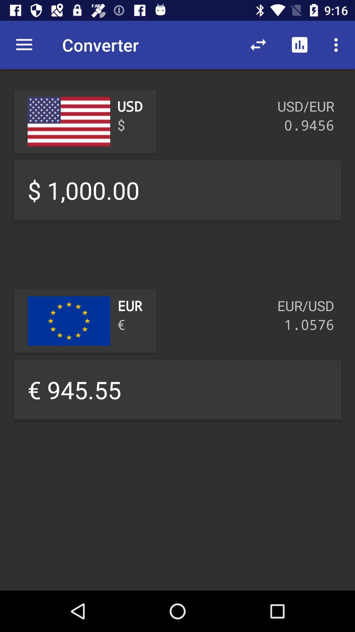  What do you see at coordinates (299, 44) in the screenshot?
I see `item above the usd/eur icon` at bounding box center [299, 44].